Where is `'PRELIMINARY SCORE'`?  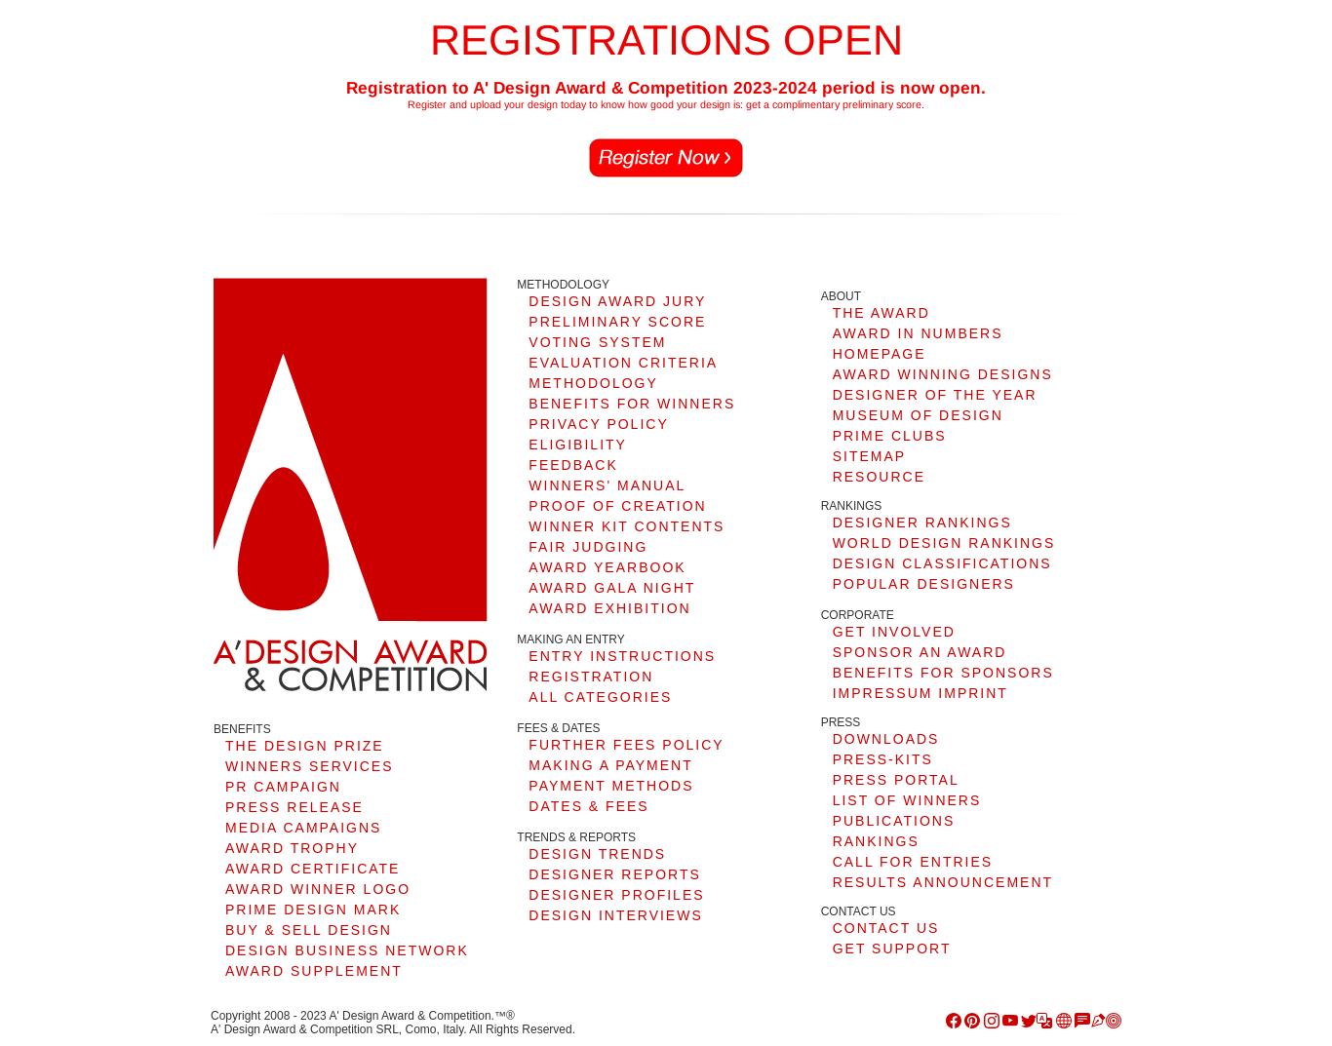 'PRELIMINARY SCORE' is located at coordinates (529, 320).